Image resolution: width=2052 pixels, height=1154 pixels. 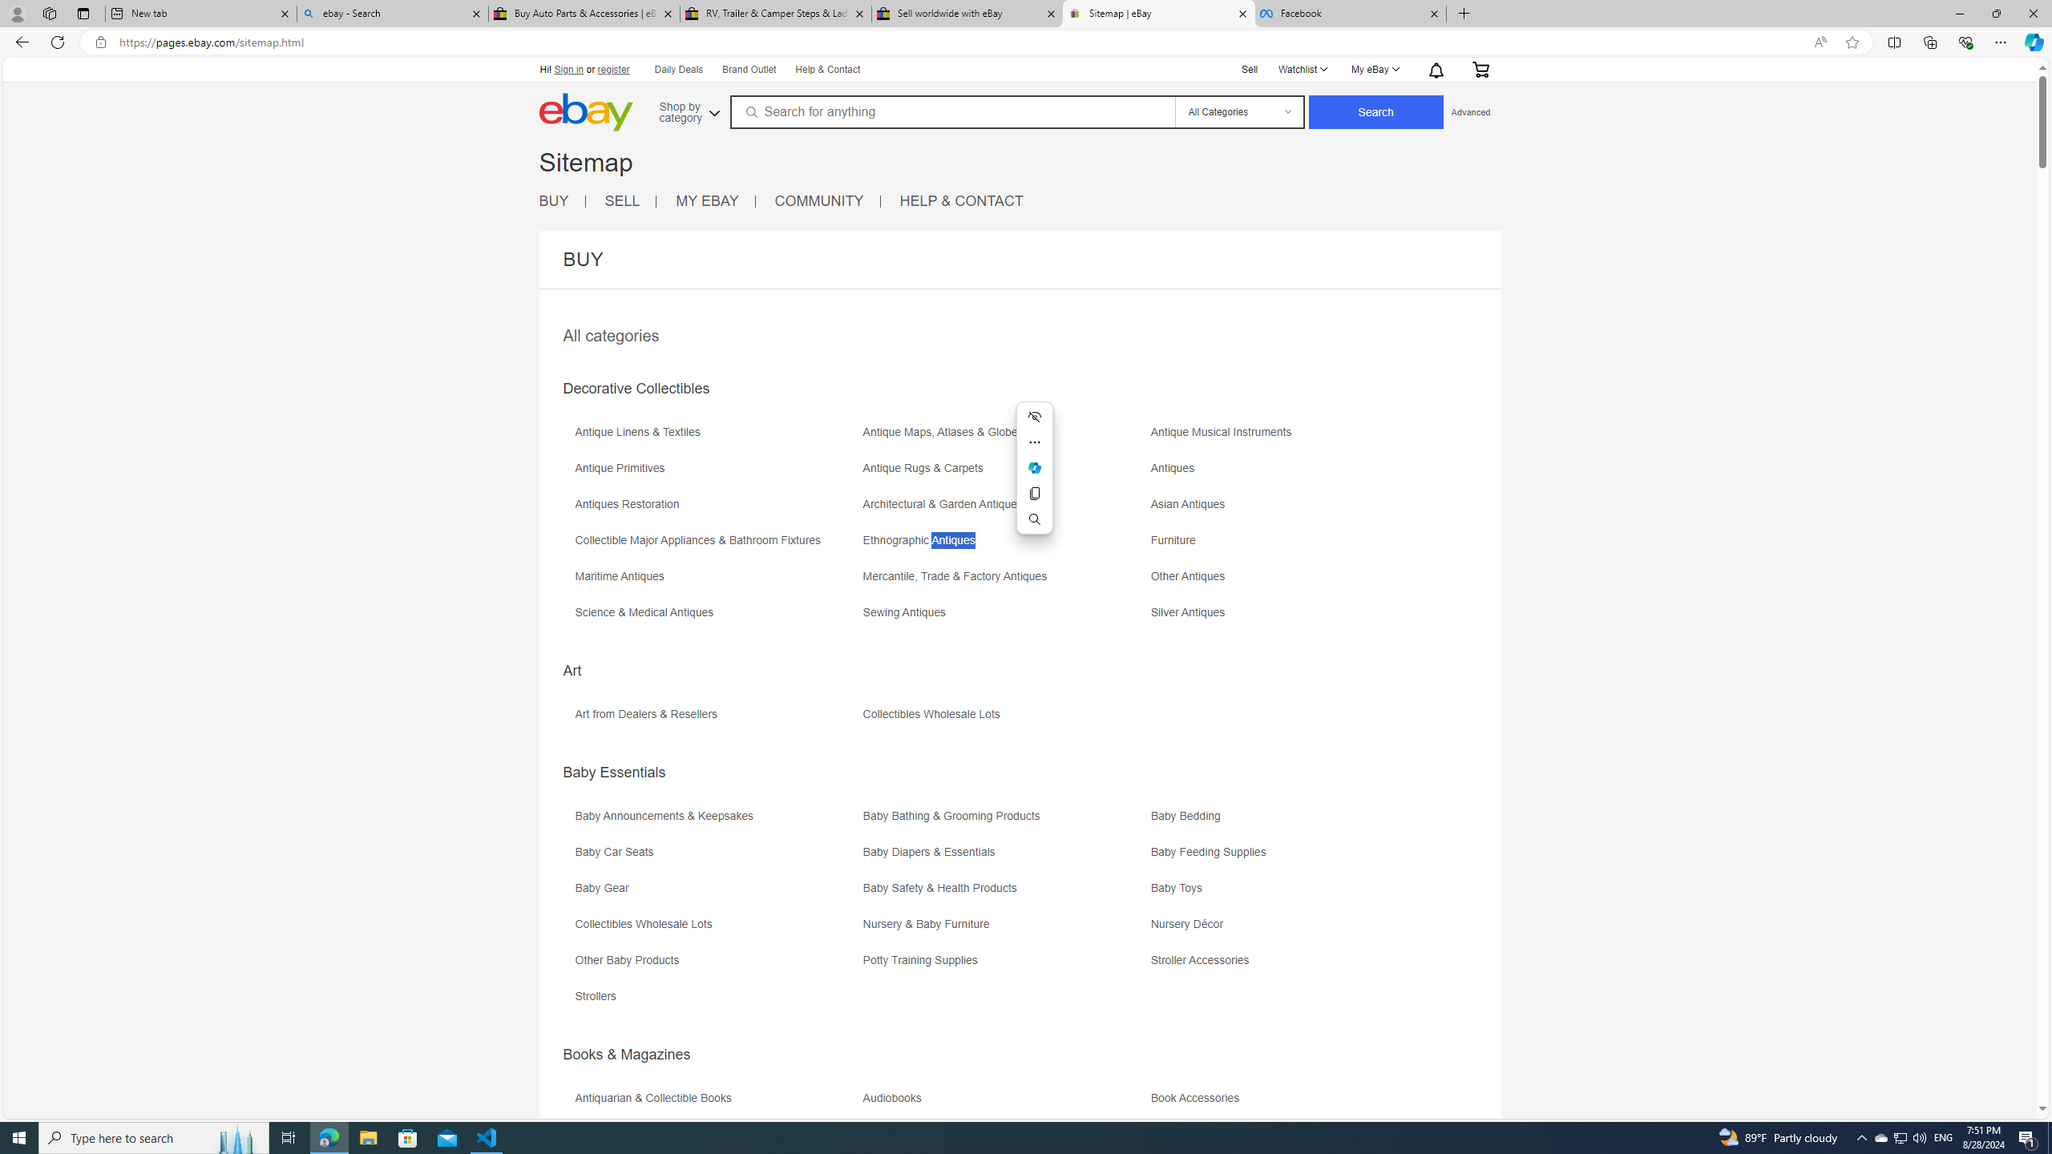 What do you see at coordinates (716, 719) in the screenshot?
I see `'Art from Dealers & Resellers'` at bounding box center [716, 719].